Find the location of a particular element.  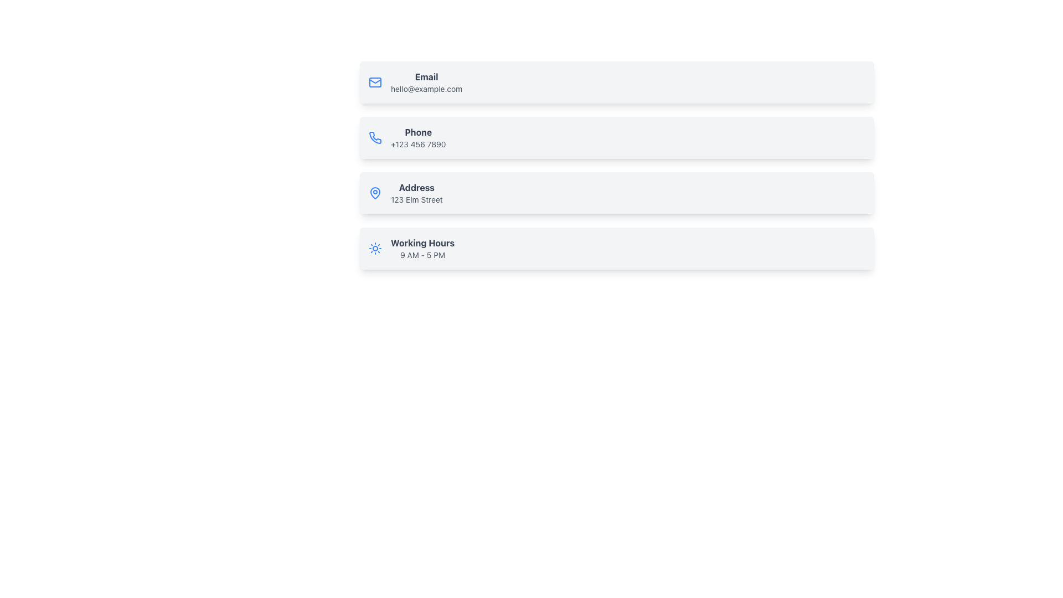

the Text Label displaying the working hours of the establishment, which is positioned to the right of a sun-like icon and below the title 'Working Hours' in the contact details list is located at coordinates (422, 255).